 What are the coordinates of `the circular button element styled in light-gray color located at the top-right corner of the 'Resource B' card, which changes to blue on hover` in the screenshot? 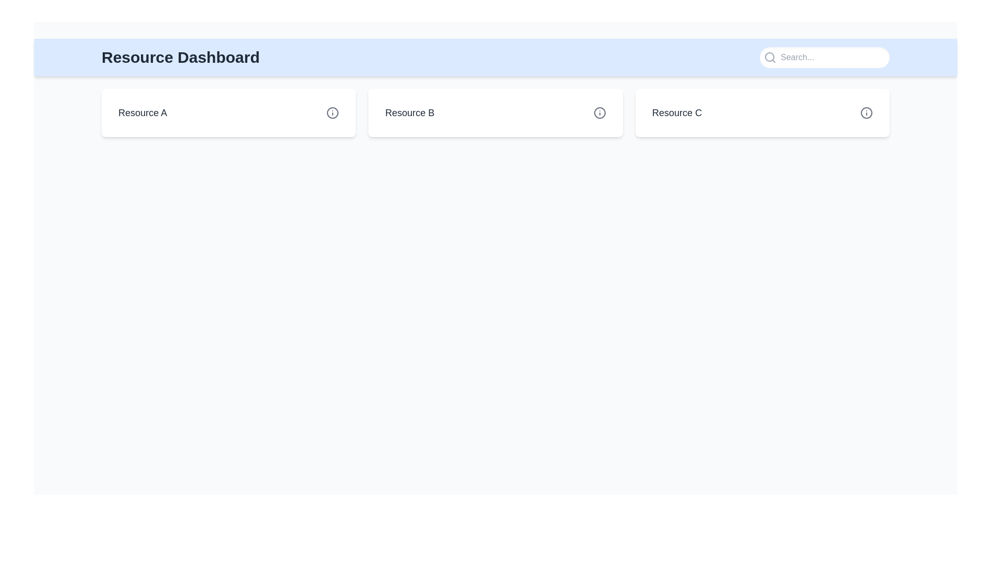 It's located at (599, 113).